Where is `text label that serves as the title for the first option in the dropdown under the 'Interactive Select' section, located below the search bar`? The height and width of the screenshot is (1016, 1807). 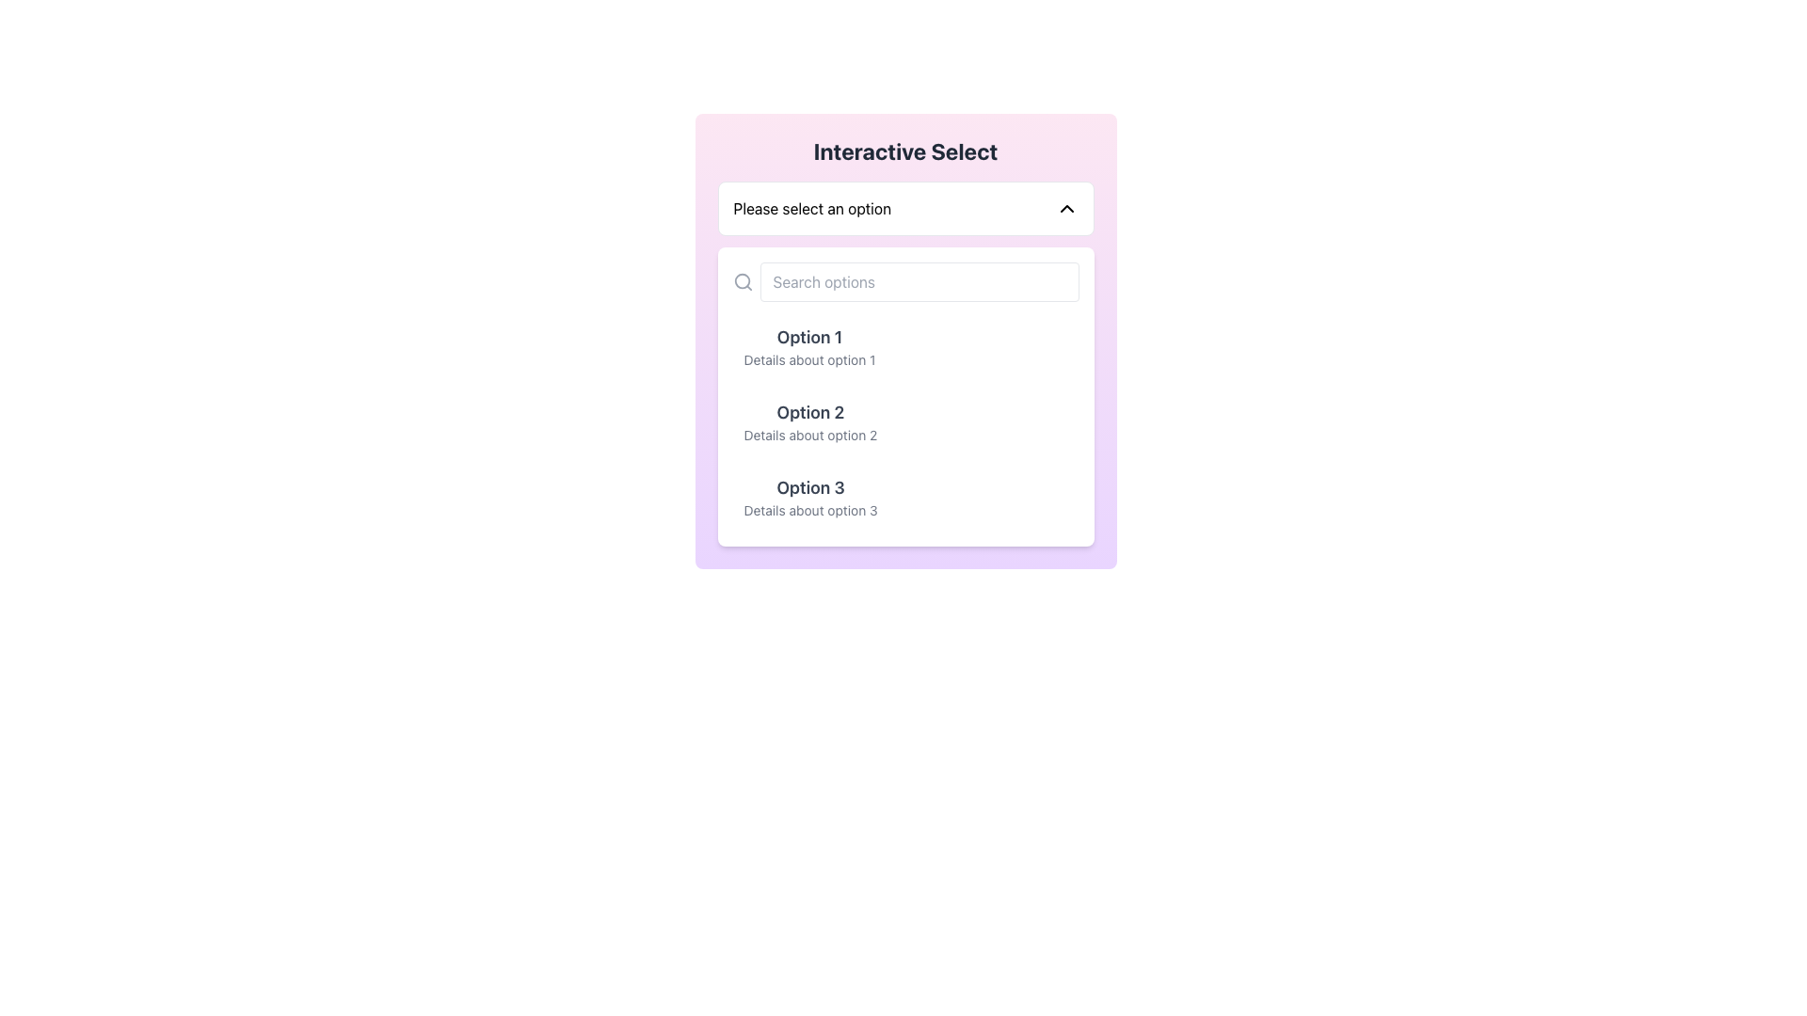 text label that serves as the title for the first option in the dropdown under the 'Interactive Select' section, located below the search bar is located at coordinates (809, 336).